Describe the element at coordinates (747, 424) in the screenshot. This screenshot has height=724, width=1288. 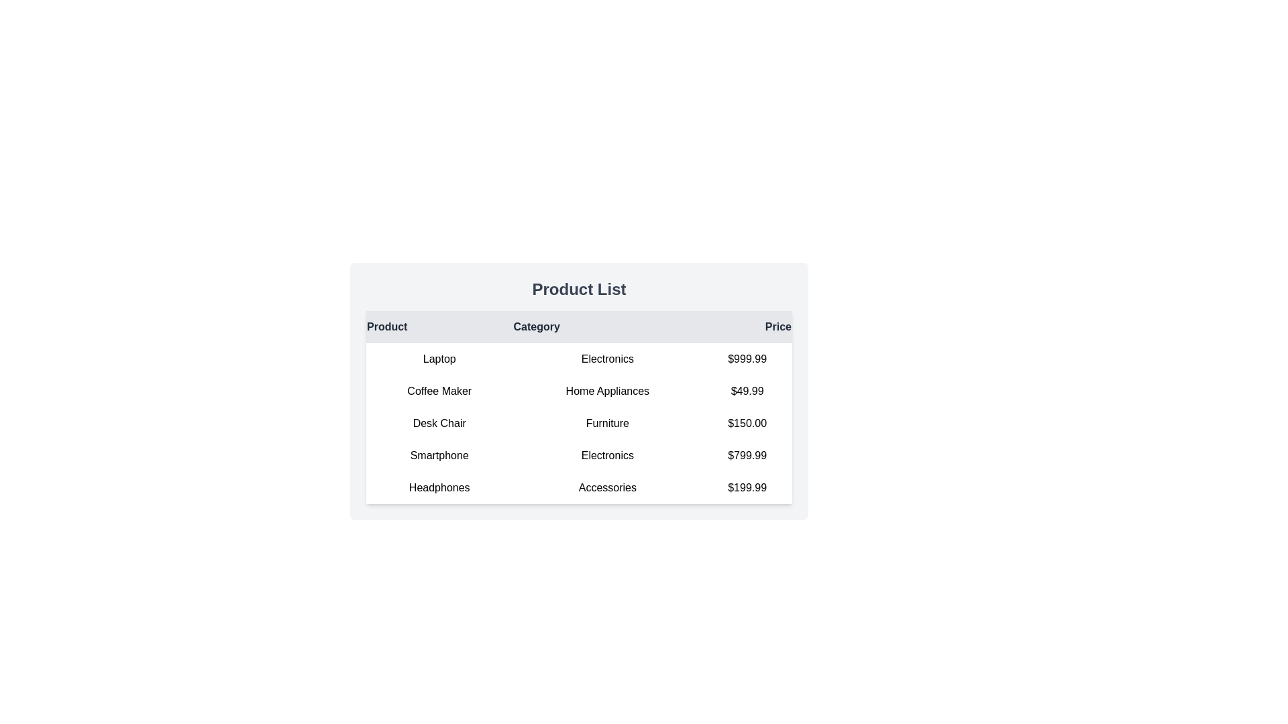
I see `the price text element displaying '$150.00', which is located in the third row of the table under the 'Price' column, to the right of 'Furniture' in the 'Category' column and 'Desk Chair' in the 'Product' column` at that location.